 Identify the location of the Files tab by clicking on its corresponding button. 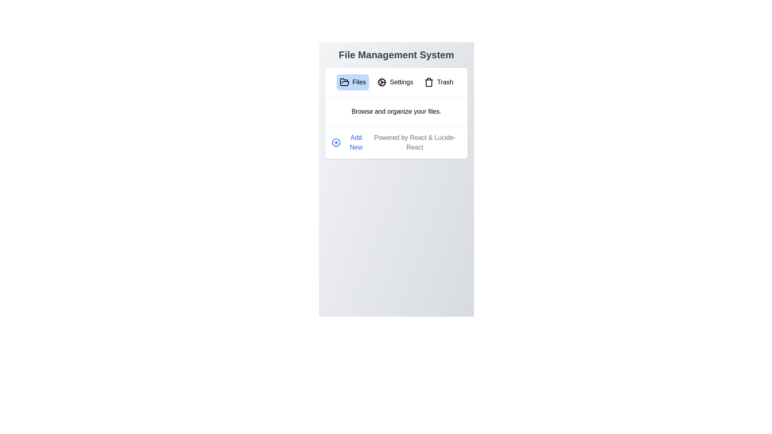
(353, 82).